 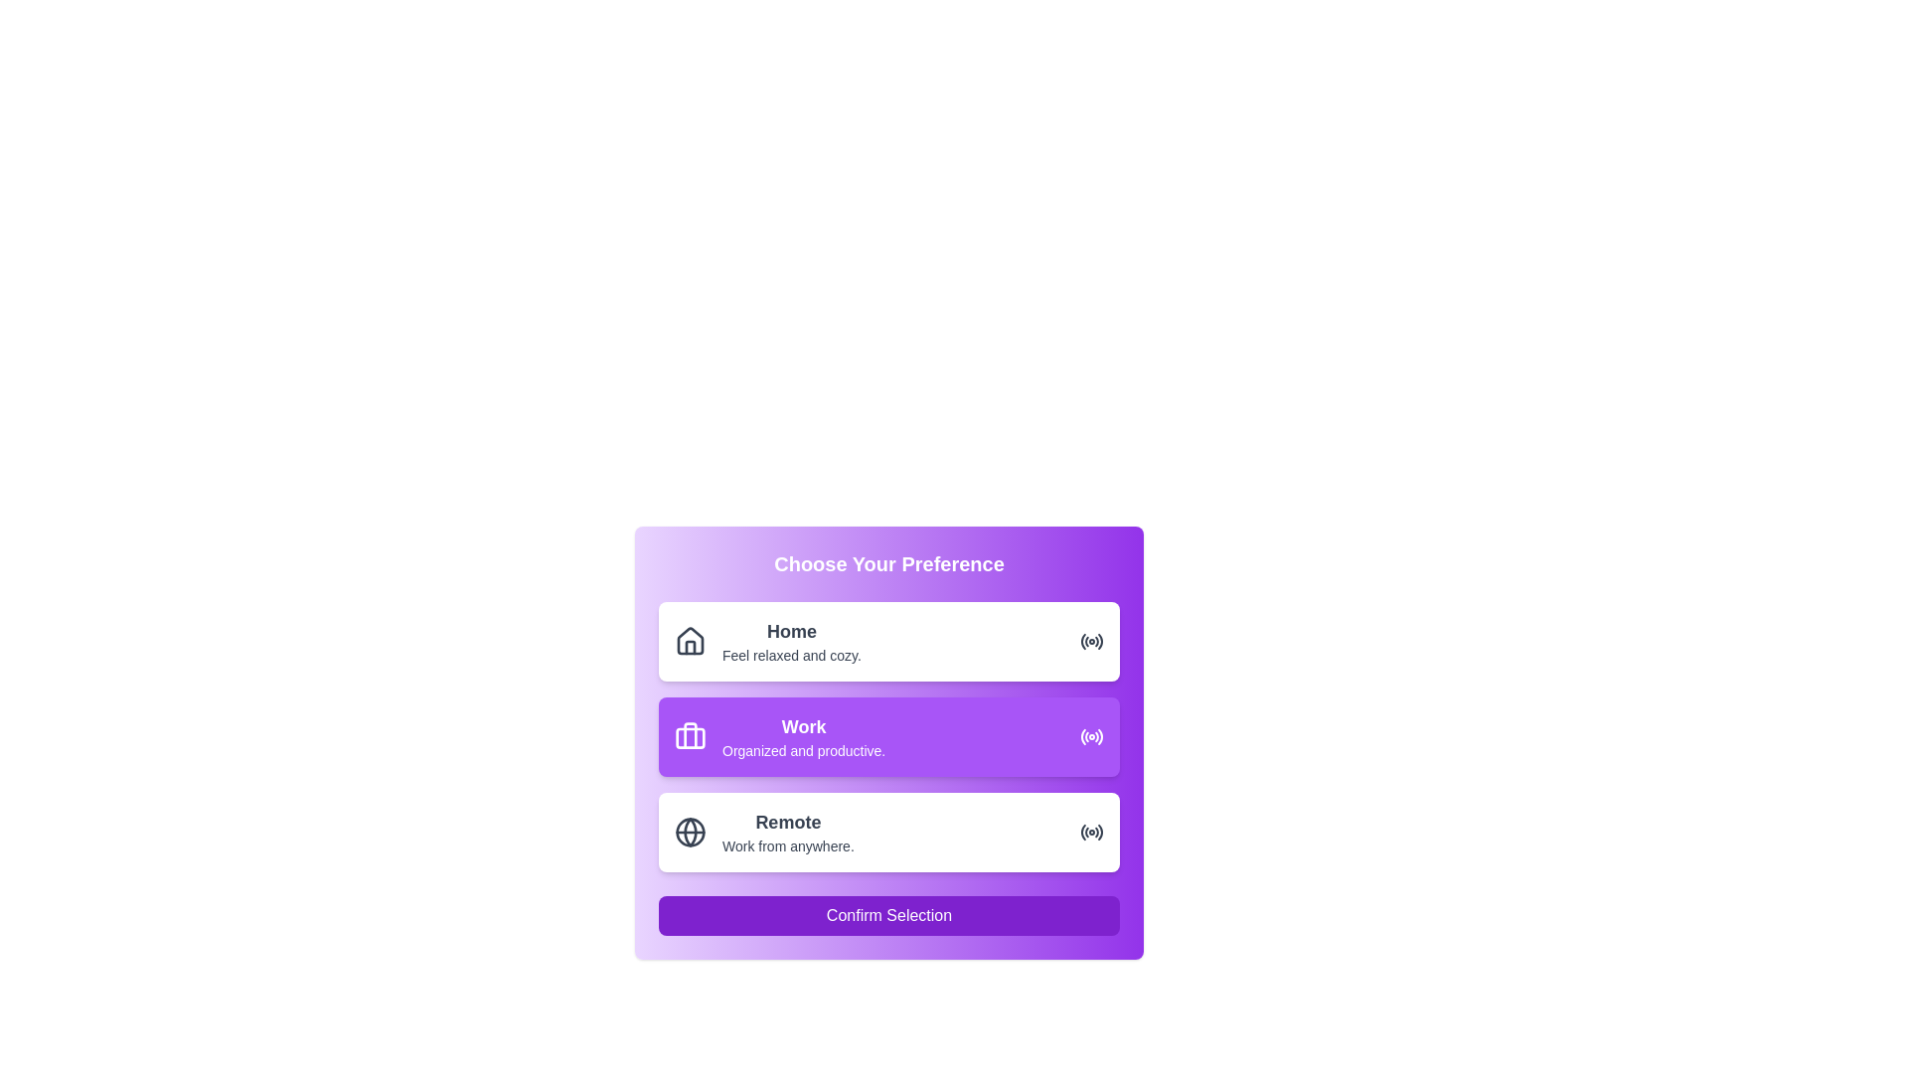 I want to click on the bold, centered text header that reads 'Choose Your Preference', which is styled in white against a gradient background, so click(x=887, y=563).